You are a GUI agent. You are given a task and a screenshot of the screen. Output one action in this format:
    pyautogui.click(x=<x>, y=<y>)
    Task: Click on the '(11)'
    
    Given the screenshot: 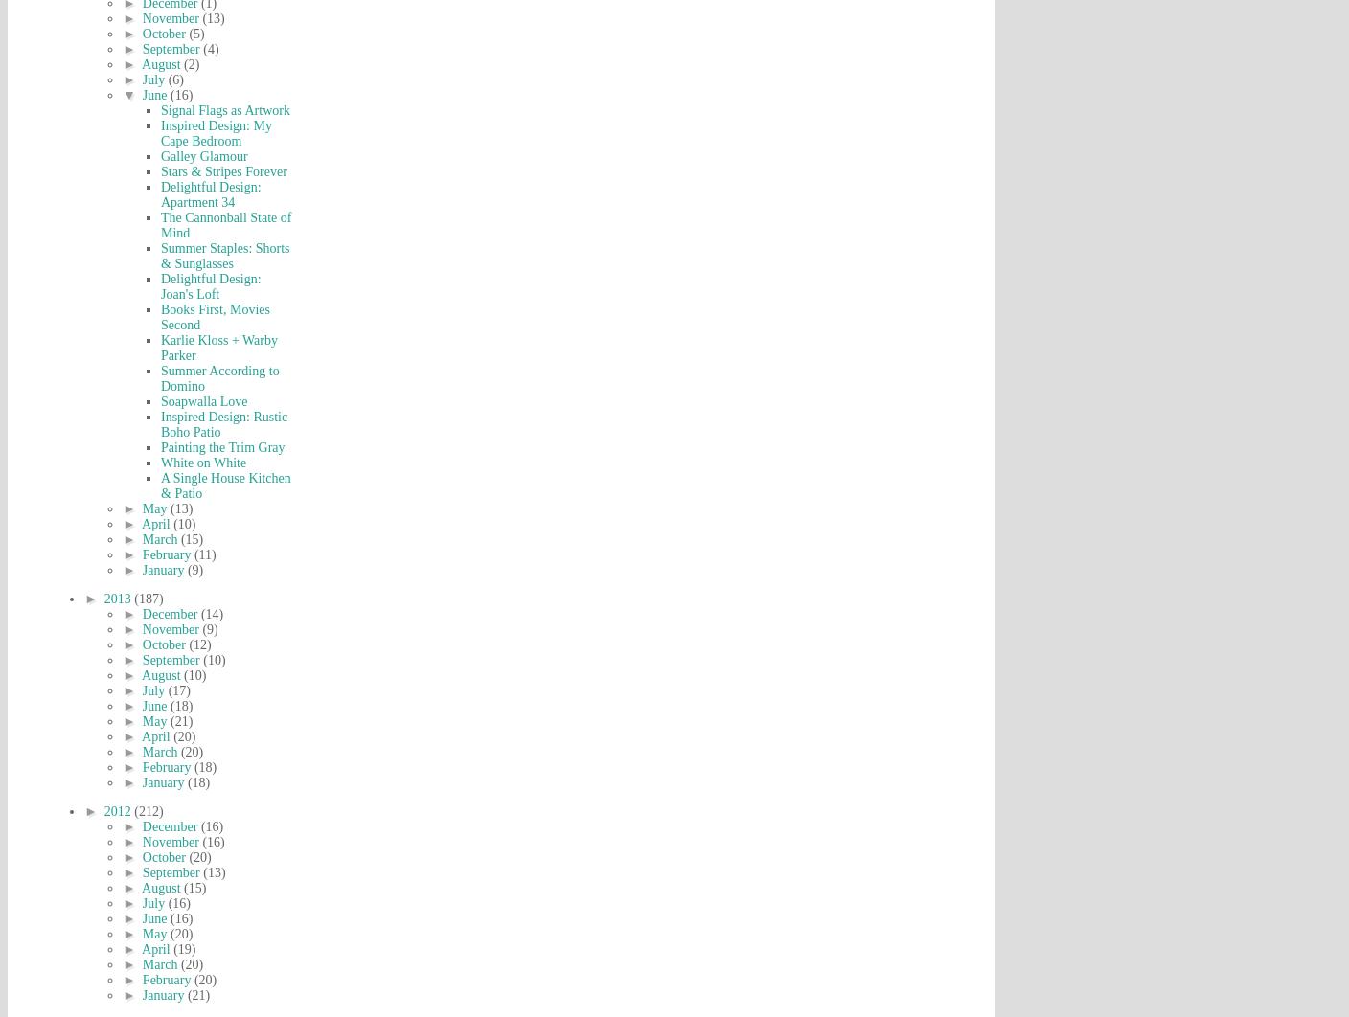 What is the action you would take?
    pyautogui.click(x=203, y=554)
    